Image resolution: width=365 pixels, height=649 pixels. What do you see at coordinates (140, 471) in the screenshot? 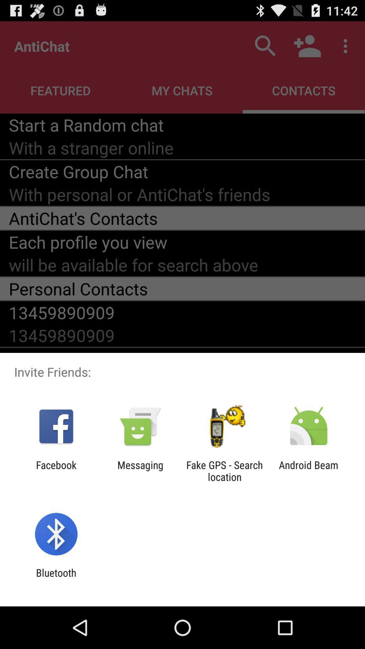
I see `item next to facebook` at bounding box center [140, 471].